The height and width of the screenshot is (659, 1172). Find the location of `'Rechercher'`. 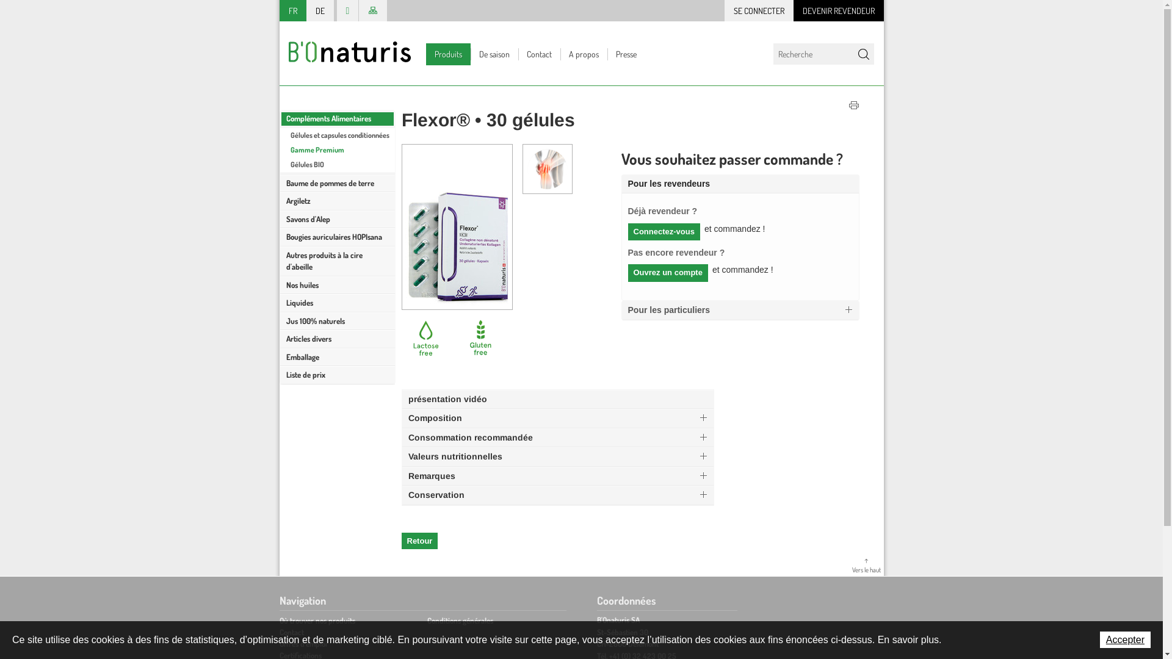

'Rechercher' is located at coordinates (862, 53).